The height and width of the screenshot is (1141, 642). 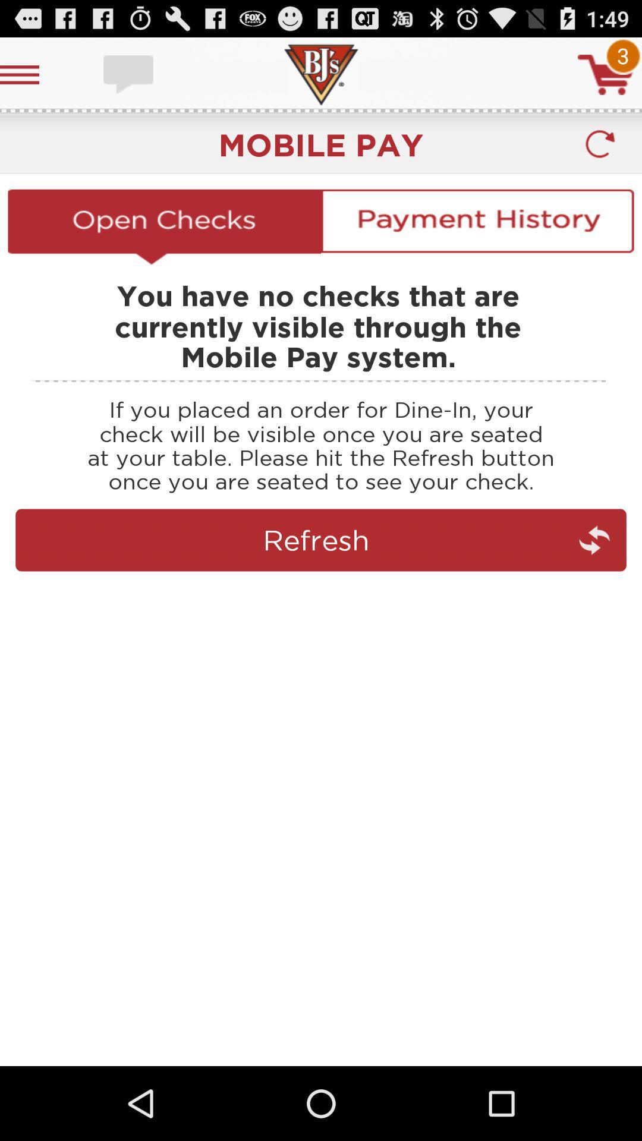 I want to click on reload, so click(x=600, y=144).